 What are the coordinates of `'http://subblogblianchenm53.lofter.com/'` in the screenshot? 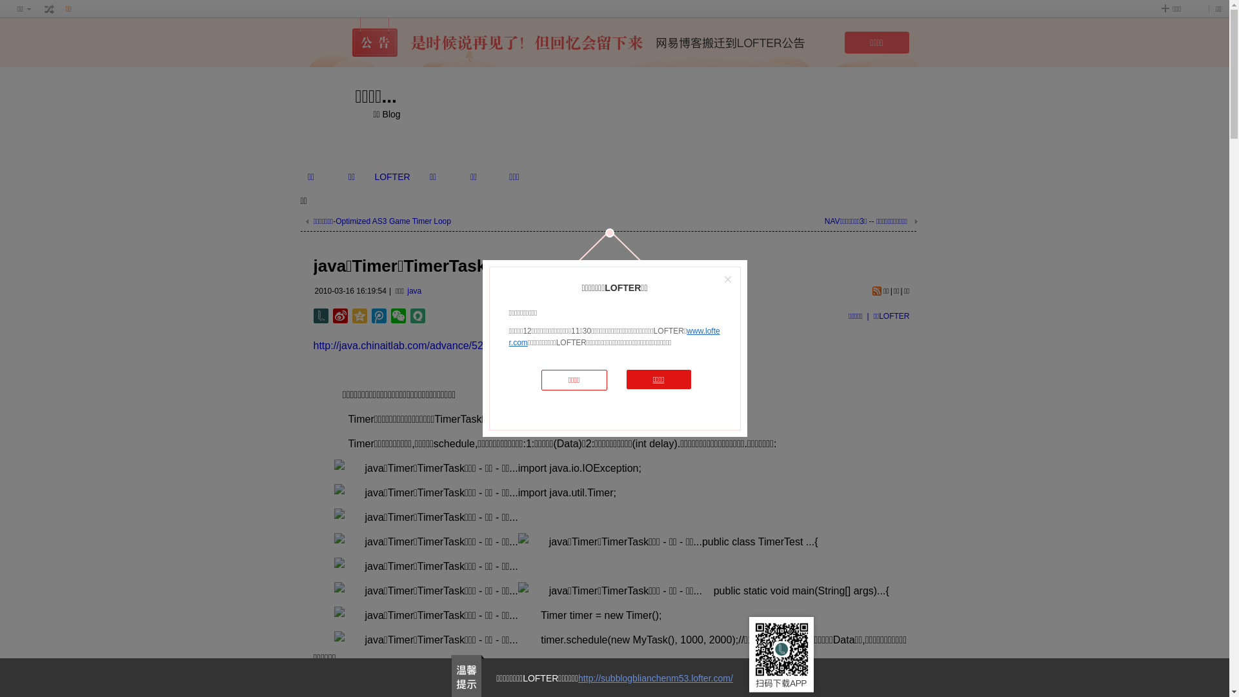 It's located at (656, 677).